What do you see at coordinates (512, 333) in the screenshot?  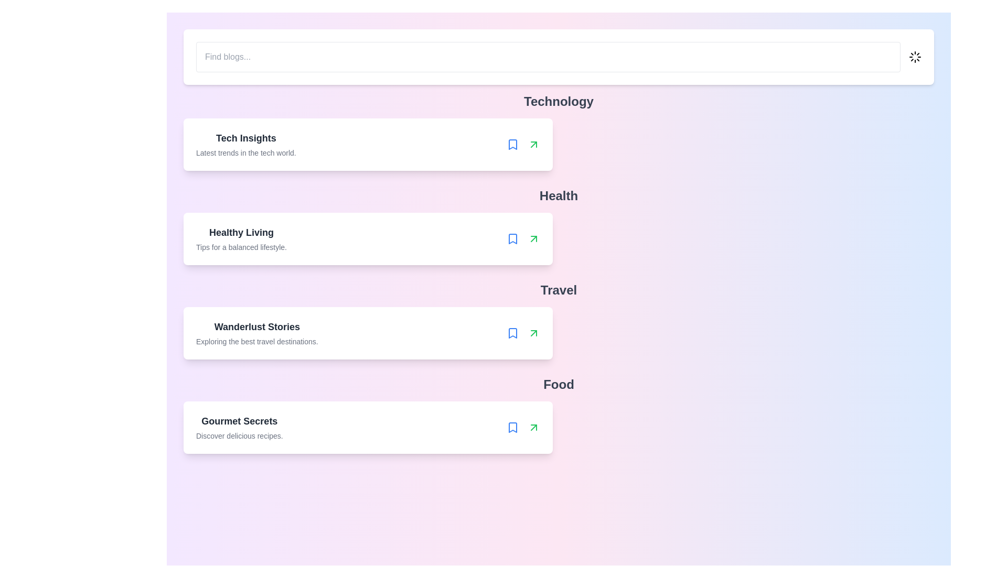 I see `the third bookmark icon located in the rightmost position of the toolbar group beside the 'Wanderlust Stories' card` at bounding box center [512, 333].